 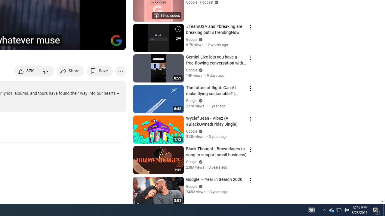 I want to click on 'Dislike this video', so click(x=46, y=70).